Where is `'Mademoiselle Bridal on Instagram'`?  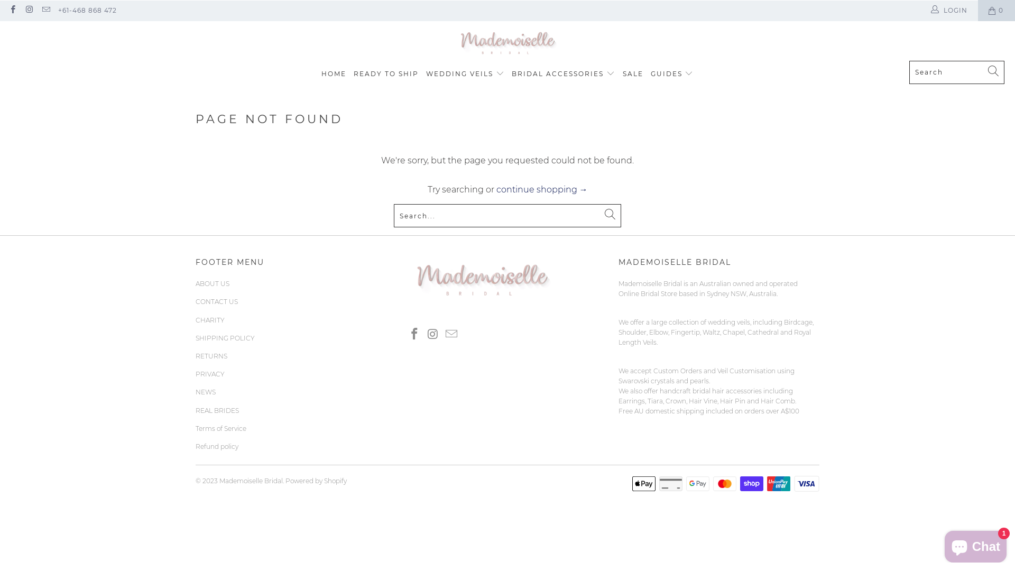 'Mademoiselle Bridal on Instagram' is located at coordinates (29, 10).